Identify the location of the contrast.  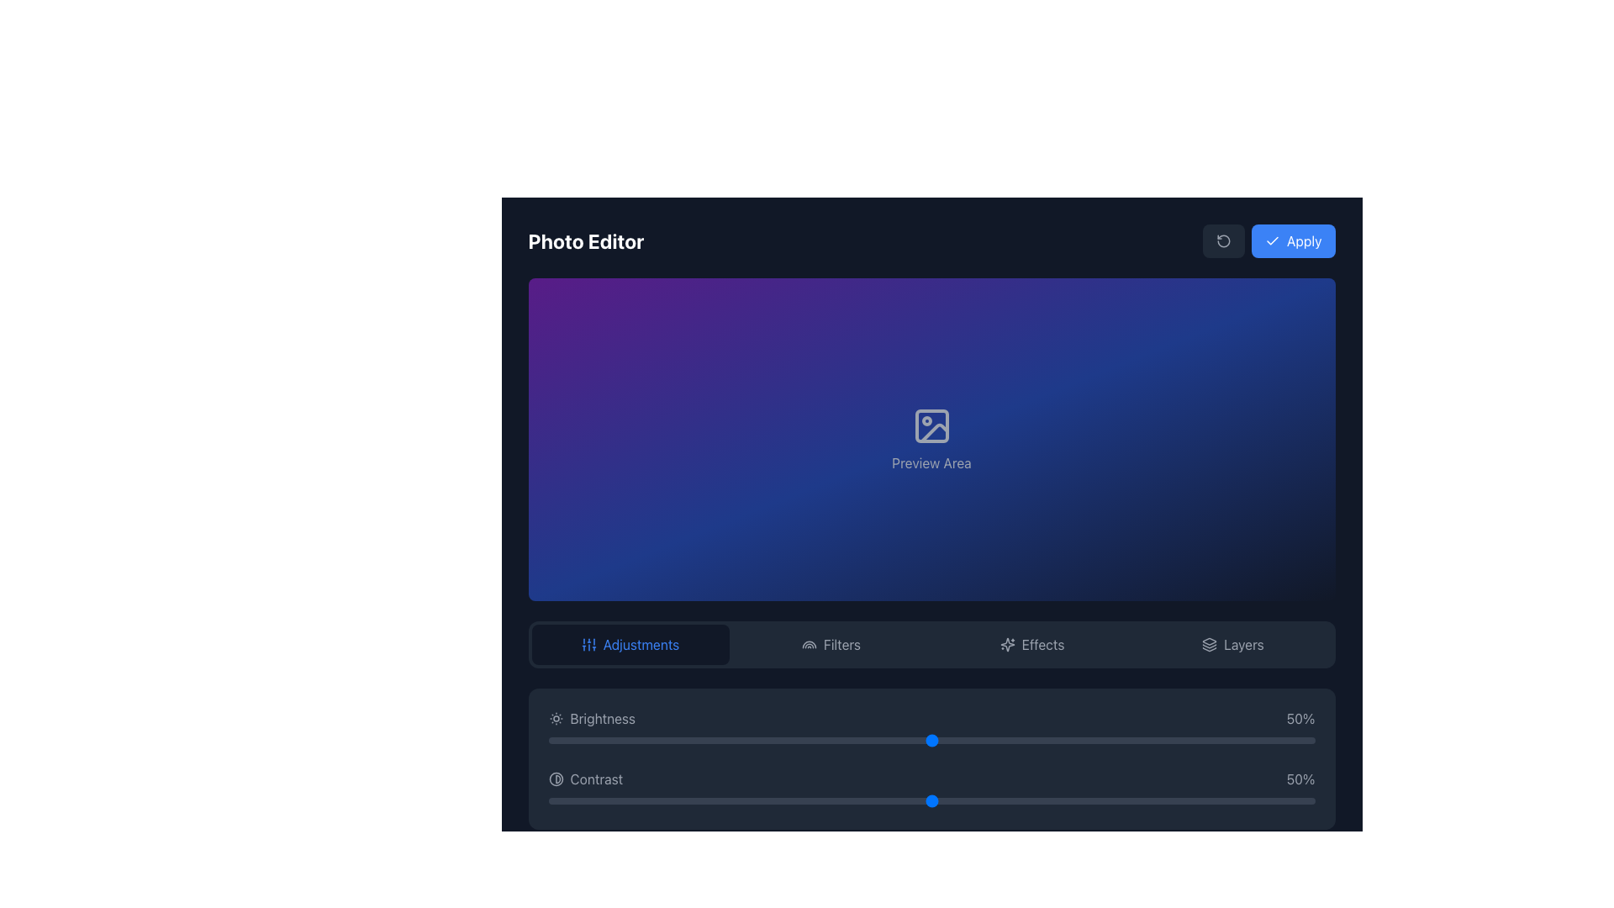
(678, 800).